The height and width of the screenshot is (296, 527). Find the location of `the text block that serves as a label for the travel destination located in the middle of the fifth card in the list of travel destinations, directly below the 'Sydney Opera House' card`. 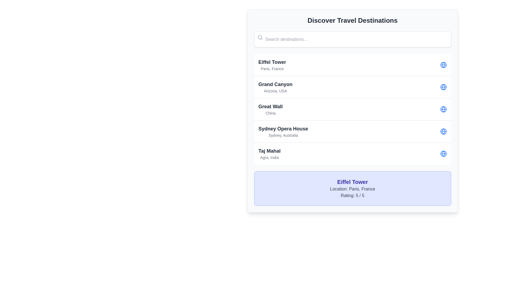

the text block that serves as a label for the travel destination located in the middle of the fifth card in the list of travel destinations, directly below the 'Sydney Opera House' card is located at coordinates (269, 153).